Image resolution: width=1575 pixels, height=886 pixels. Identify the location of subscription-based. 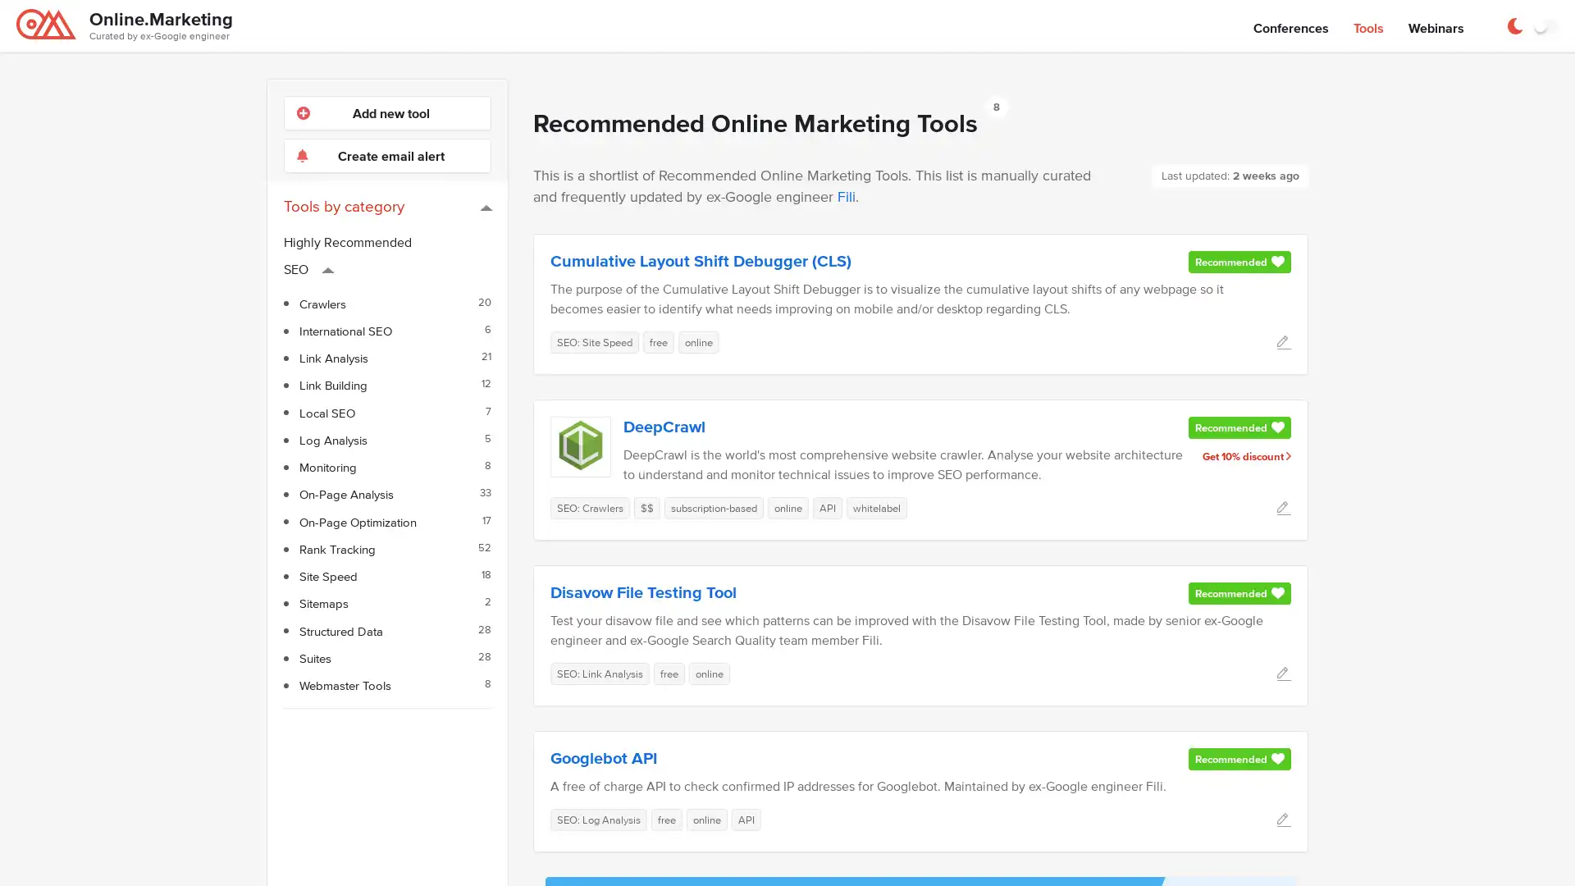
(714, 506).